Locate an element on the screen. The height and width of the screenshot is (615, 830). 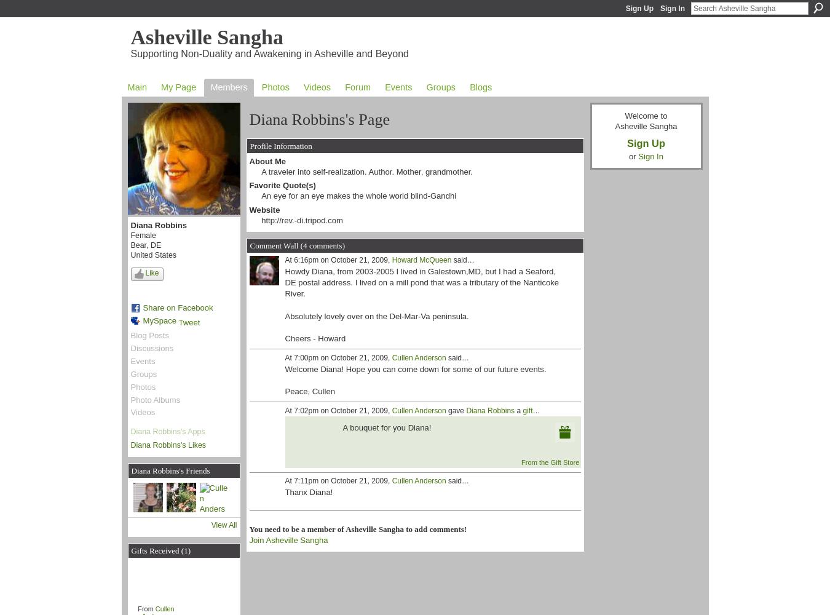
'Howdy Diana, from 2003-2005 I lived in Galestown,MD, but I had a Seaford, DE postal address. I lived on a mill pond that was a tributary of the Nanticoke River.' is located at coordinates (421, 282).